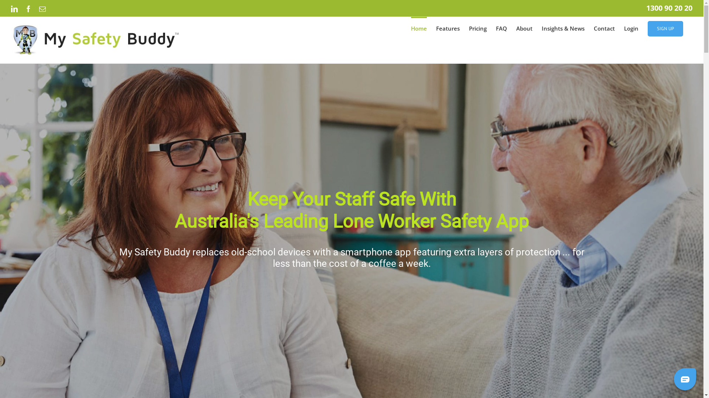 Image resolution: width=709 pixels, height=398 pixels. Describe the element at coordinates (501, 28) in the screenshot. I see `'FAQ'` at that location.